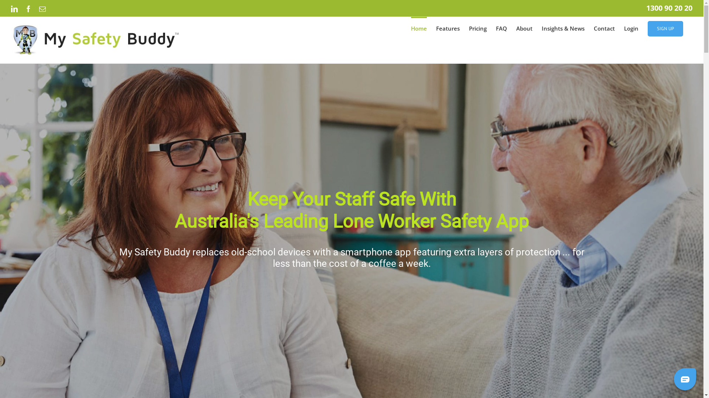 Image resolution: width=709 pixels, height=398 pixels. Describe the element at coordinates (501, 28) in the screenshot. I see `'FAQ'` at that location.